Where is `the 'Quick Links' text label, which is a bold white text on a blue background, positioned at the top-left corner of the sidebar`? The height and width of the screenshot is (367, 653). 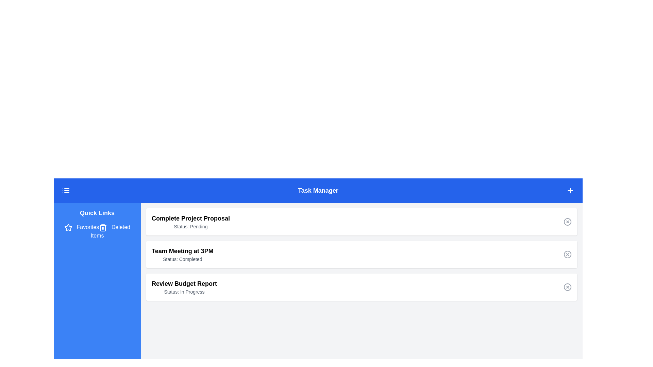 the 'Quick Links' text label, which is a bold white text on a blue background, positioned at the top-left corner of the sidebar is located at coordinates (97, 213).